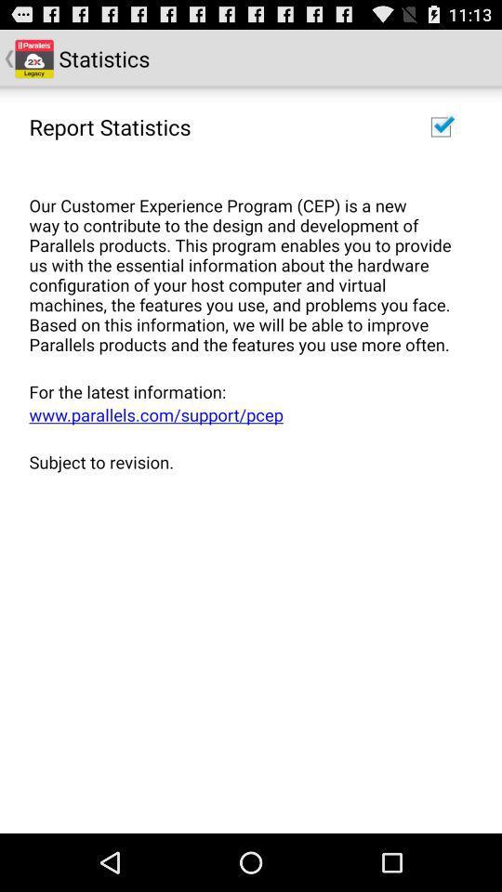  What do you see at coordinates (440, 125) in the screenshot?
I see `the app to the right of the report statistics` at bounding box center [440, 125].